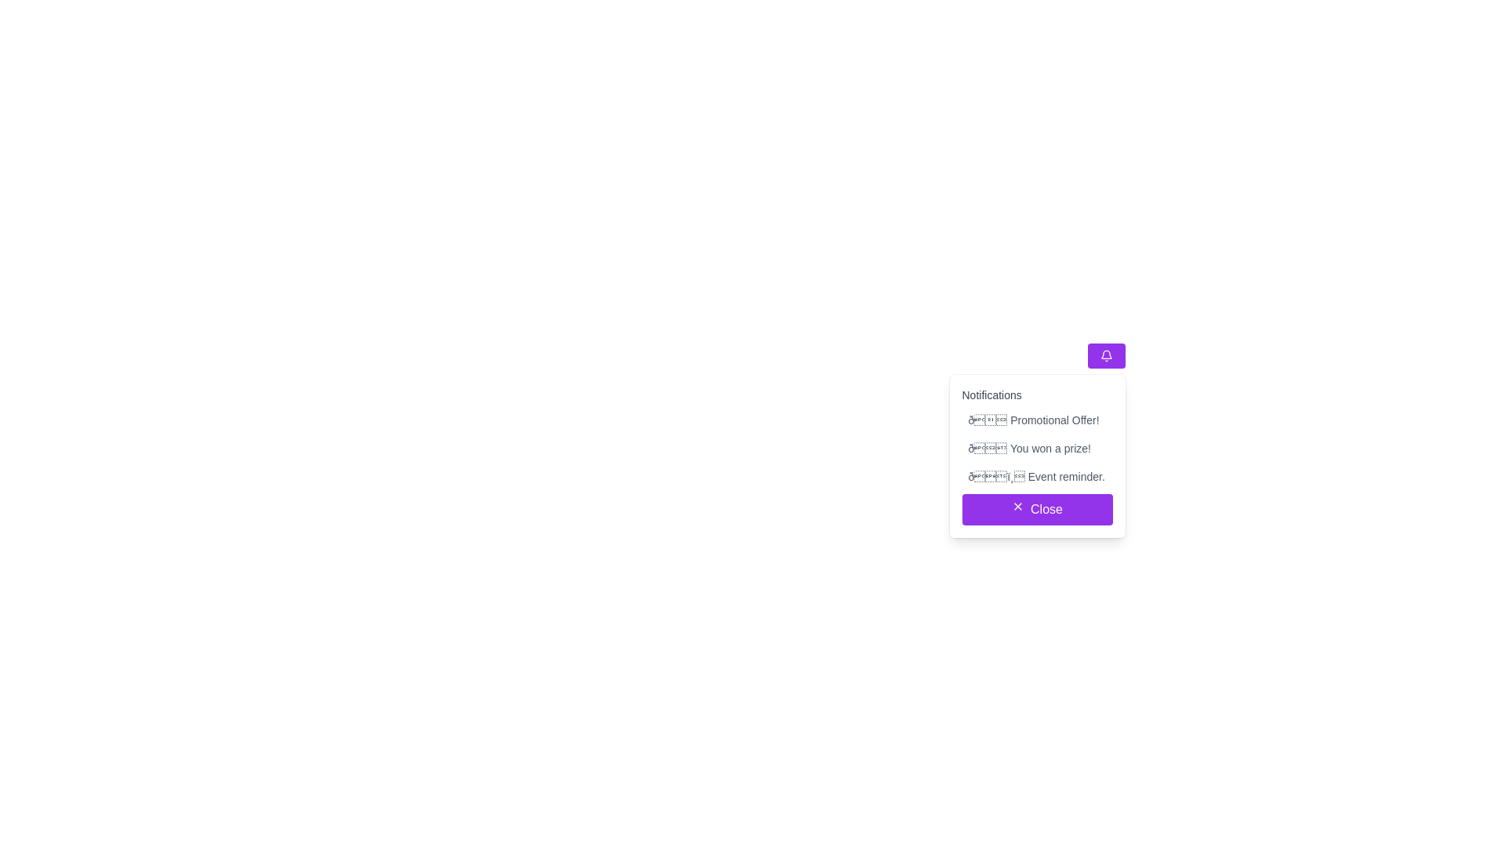 This screenshot has height=847, width=1506. Describe the element at coordinates (1037, 510) in the screenshot. I see `the 'Close' button with a purple background and white text located at the bottom of the dropdown menu` at that location.